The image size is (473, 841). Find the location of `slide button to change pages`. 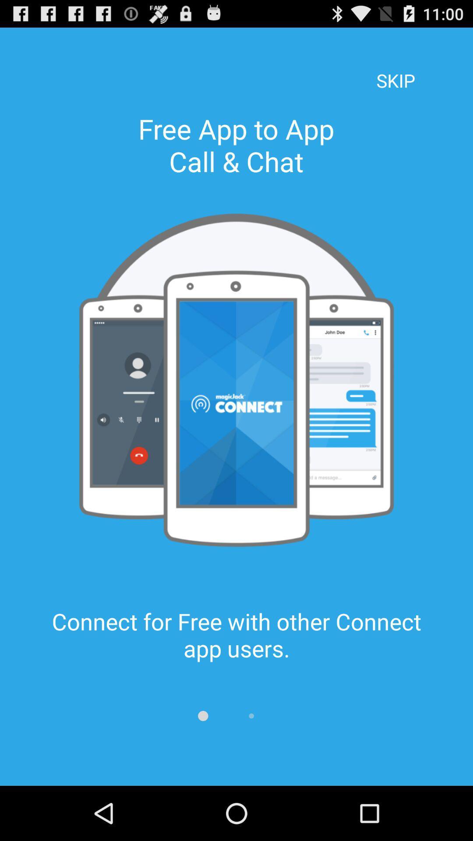

slide button to change pages is located at coordinates (203, 716).